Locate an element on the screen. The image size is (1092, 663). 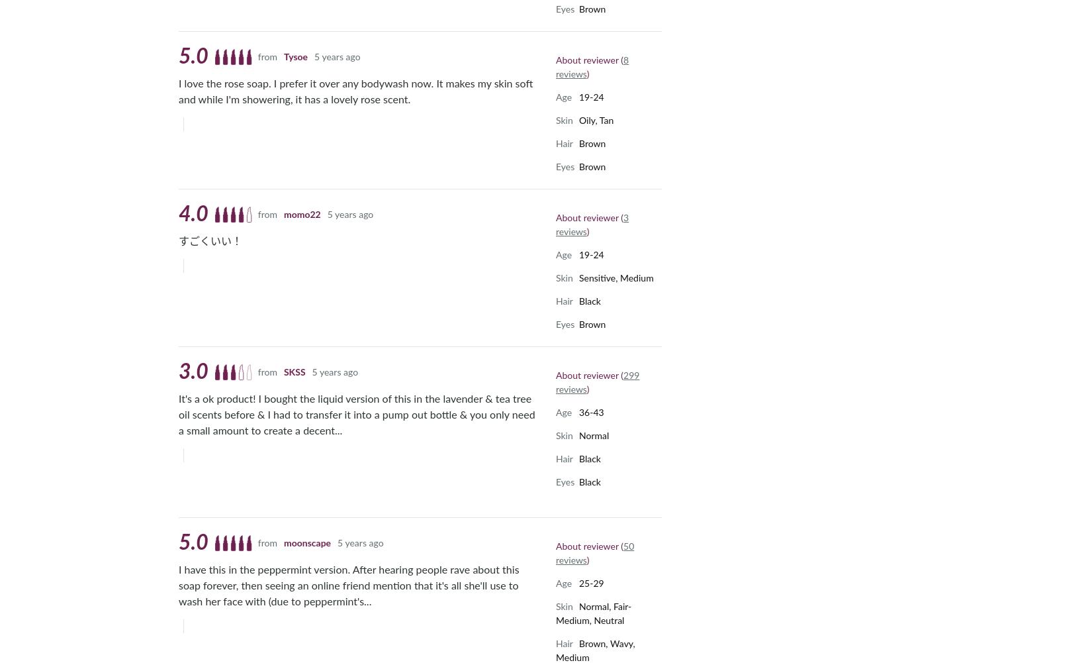
'Brown, Wavy, Medium' is located at coordinates (556, 650).